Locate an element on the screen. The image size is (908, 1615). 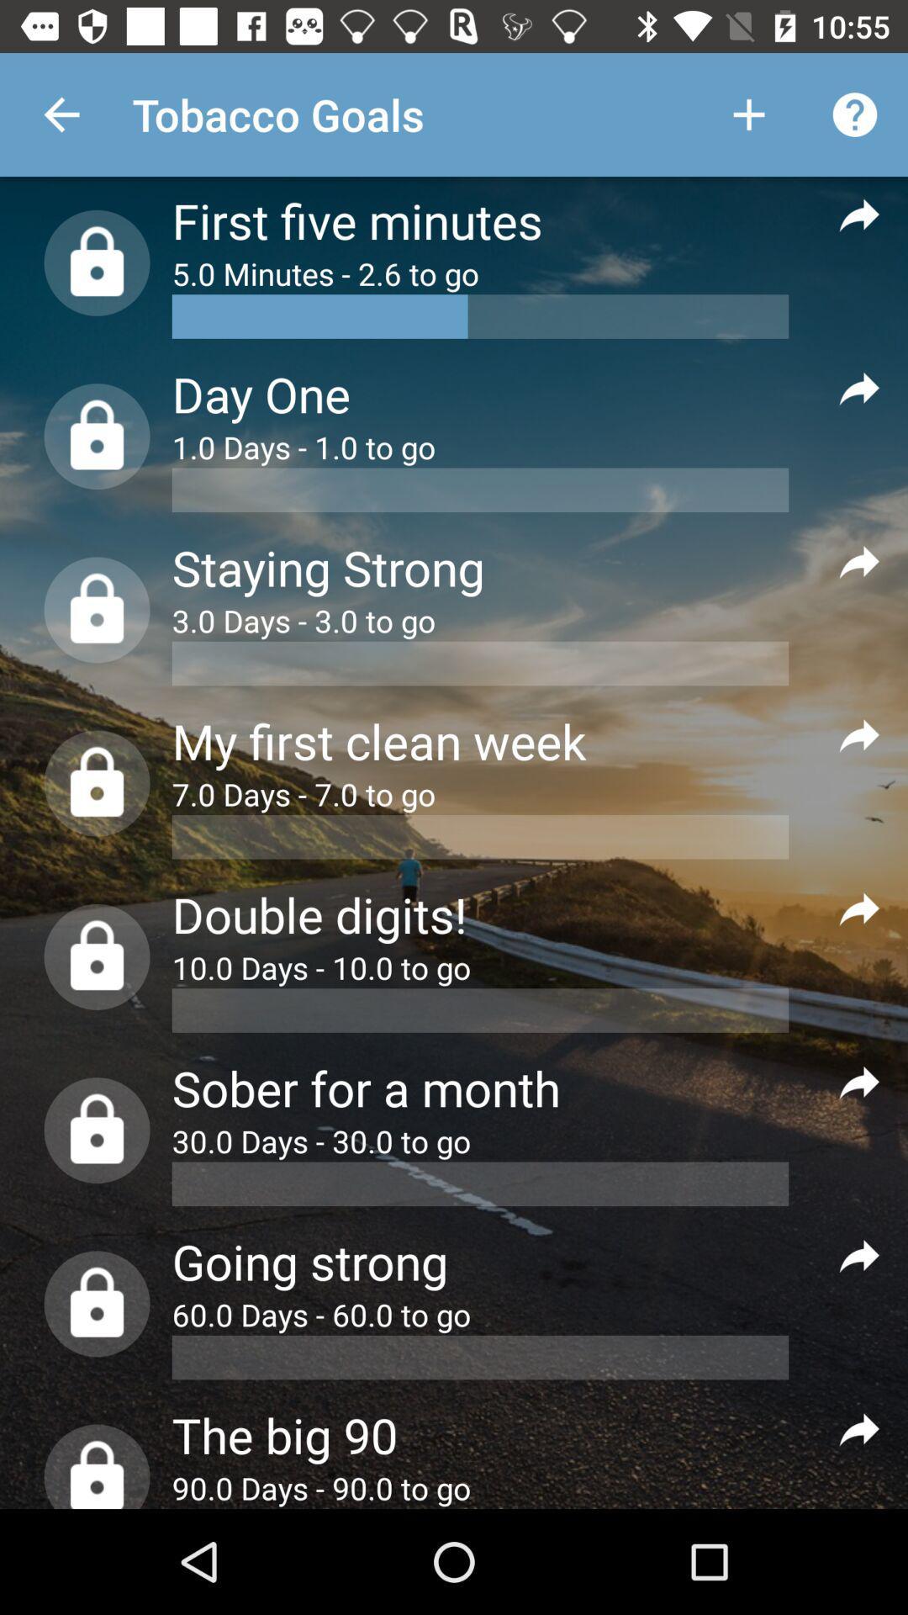
share goal status is located at coordinates (859, 1255).